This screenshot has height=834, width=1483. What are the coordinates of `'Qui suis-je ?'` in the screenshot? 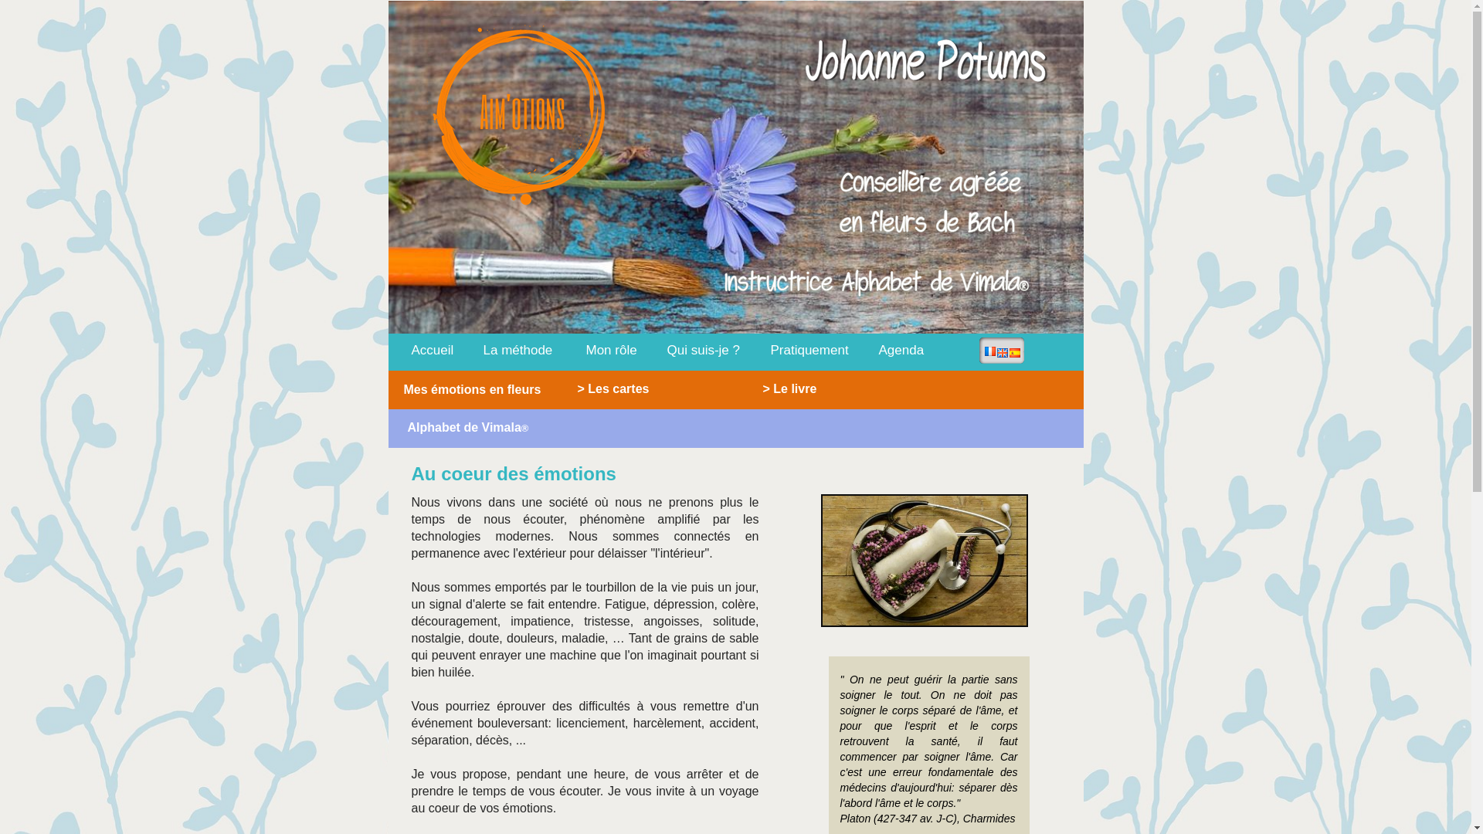 It's located at (702, 349).